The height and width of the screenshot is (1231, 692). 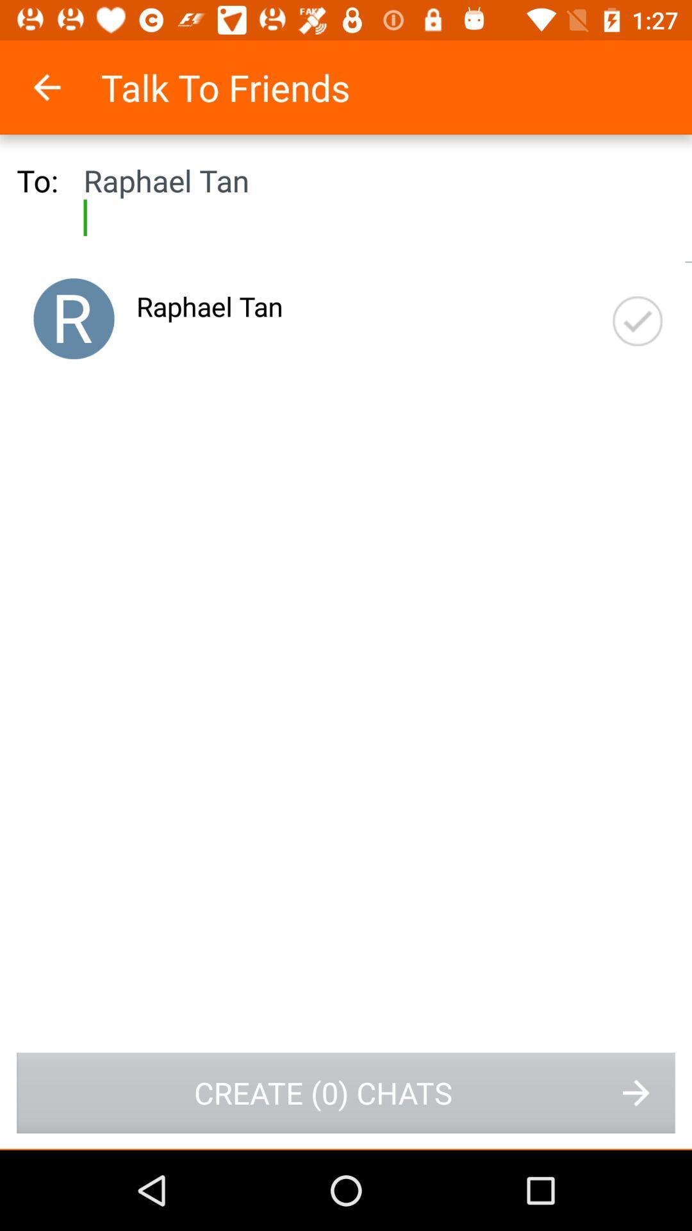 What do you see at coordinates (638, 321) in the screenshot?
I see `icon above create (0) chats icon` at bounding box center [638, 321].